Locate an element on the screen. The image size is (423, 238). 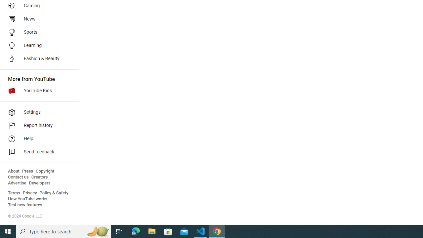
'Copyright' is located at coordinates (45, 171).